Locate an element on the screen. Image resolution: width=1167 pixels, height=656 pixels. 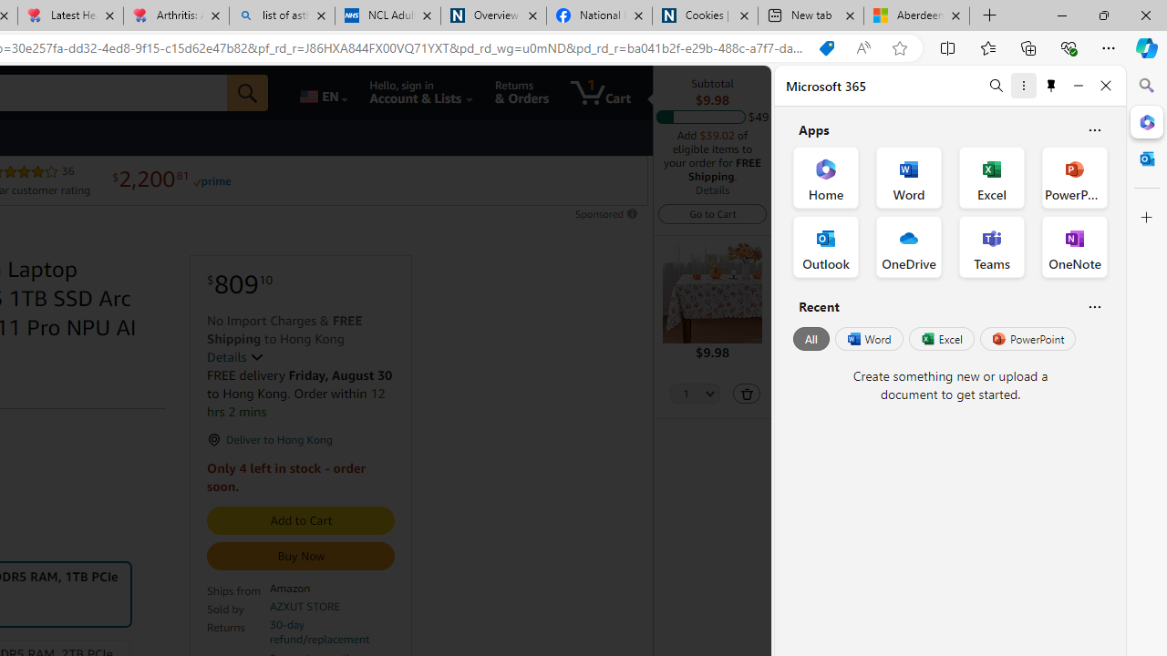
'Choose a language for shopping.' is located at coordinates (322, 92).